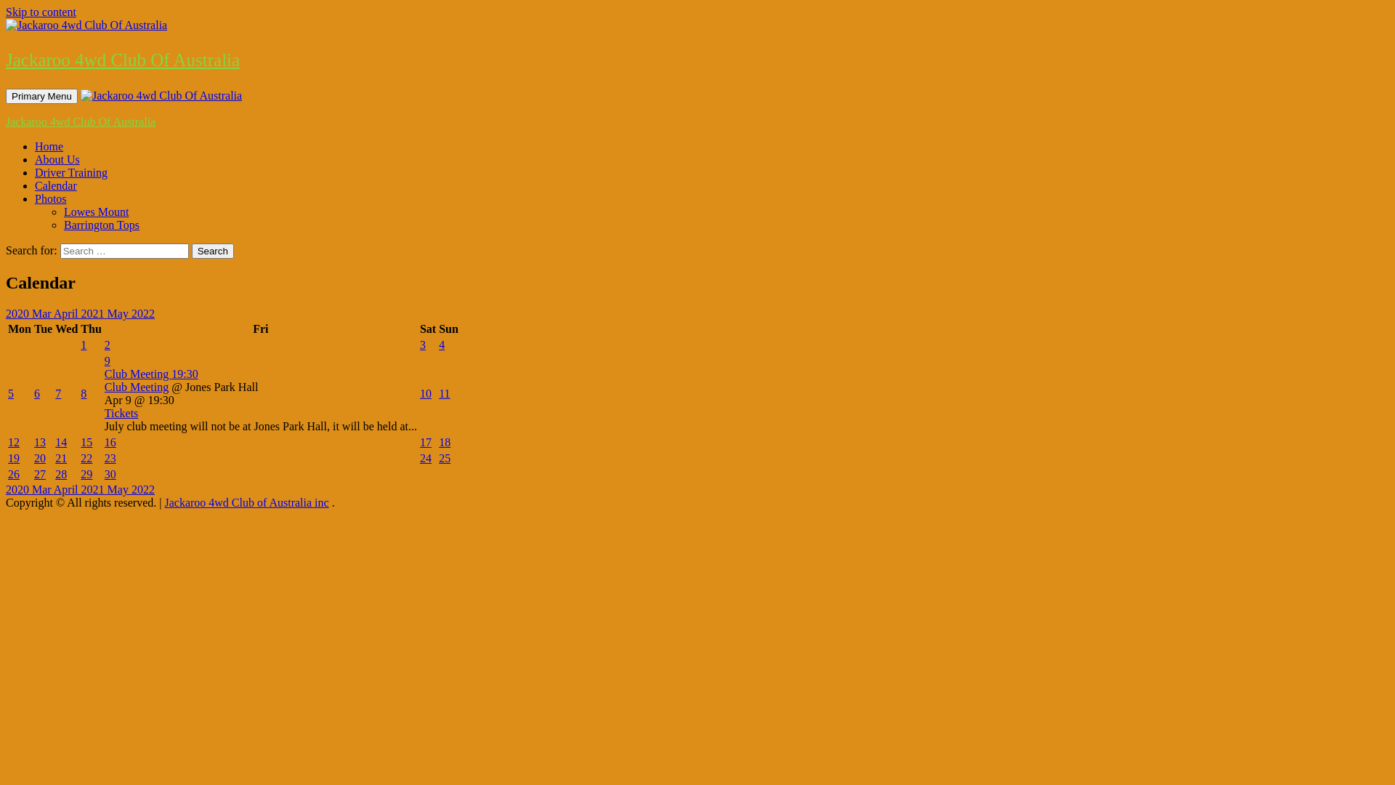 The height and width of the screenshot is (785, 1395). Describe the element at coordinates (35, 159) in the screenshot. I see `'About Us'` at that location.